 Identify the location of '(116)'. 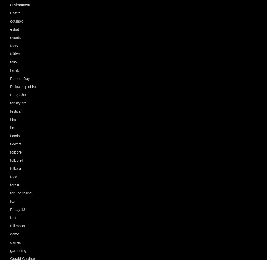
(30, 226).